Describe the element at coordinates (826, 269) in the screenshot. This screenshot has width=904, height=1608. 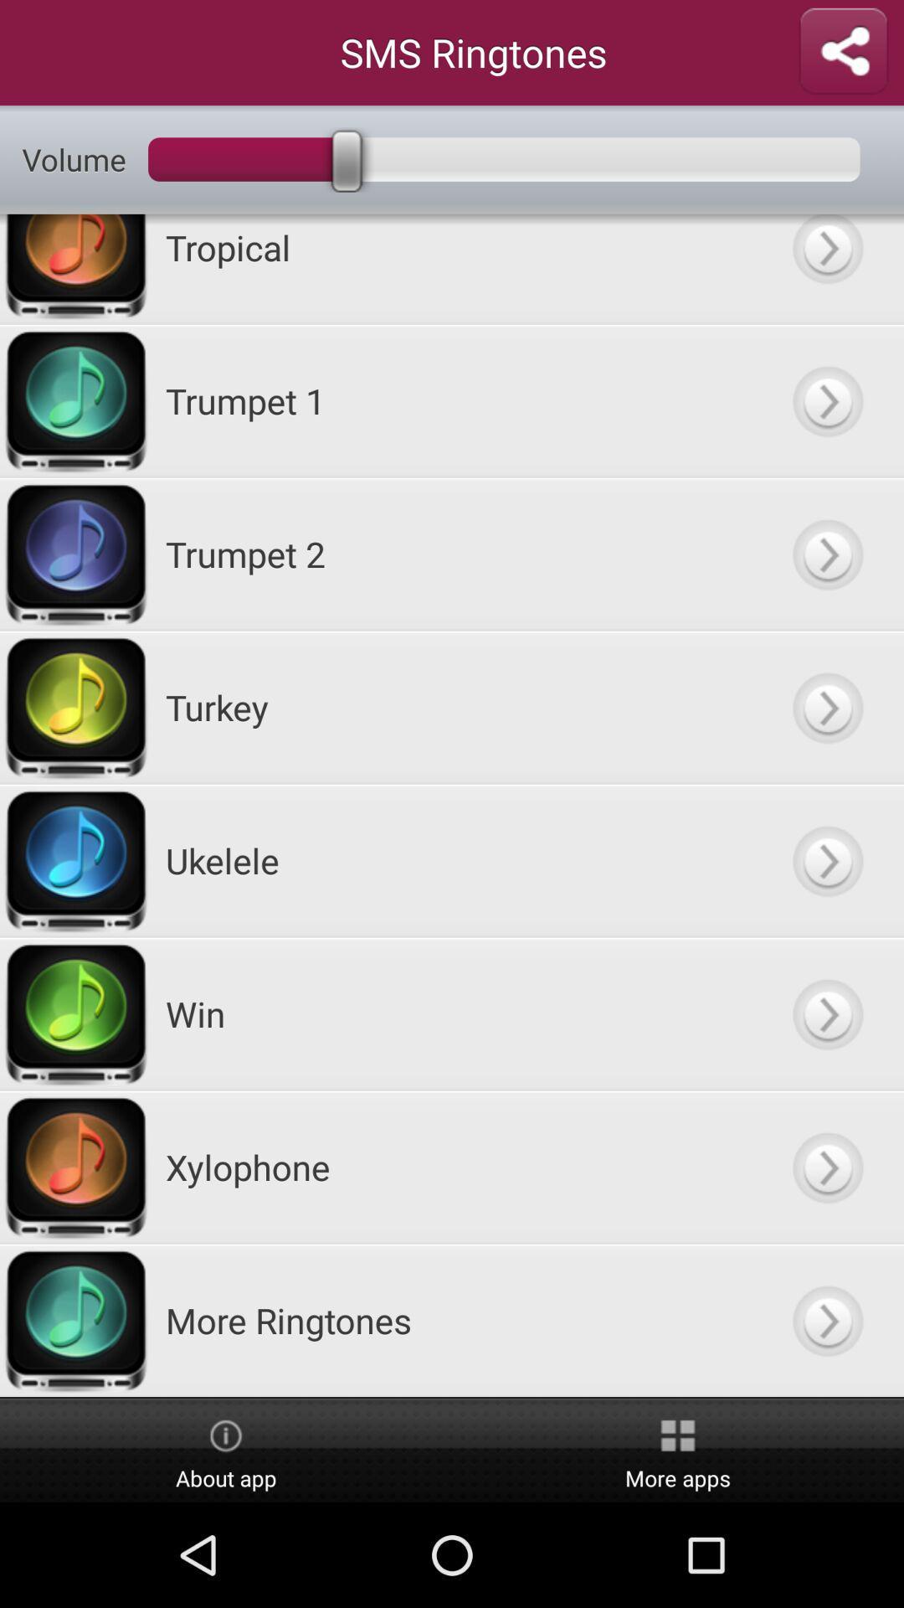
I see `the next page` at that location.